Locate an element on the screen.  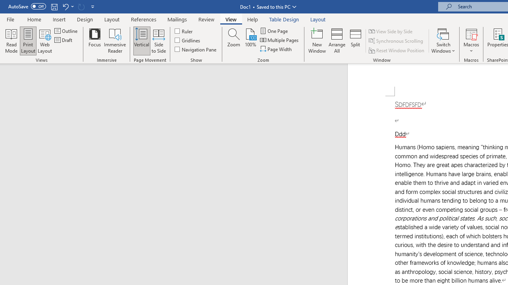
'Outline' is located at coordinates (67, 30).